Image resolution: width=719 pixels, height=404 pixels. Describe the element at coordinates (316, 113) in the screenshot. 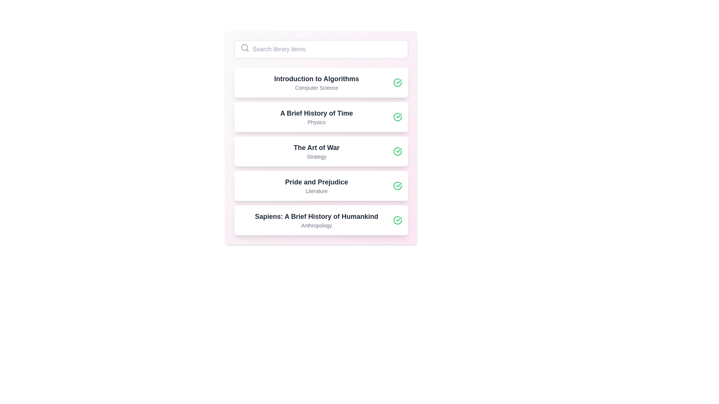

I see `the text label displaying 'A Brief History of Time', which is prominently styled in bold dark gray above the text 'Physics' in the second card of a vertical list` at that location.